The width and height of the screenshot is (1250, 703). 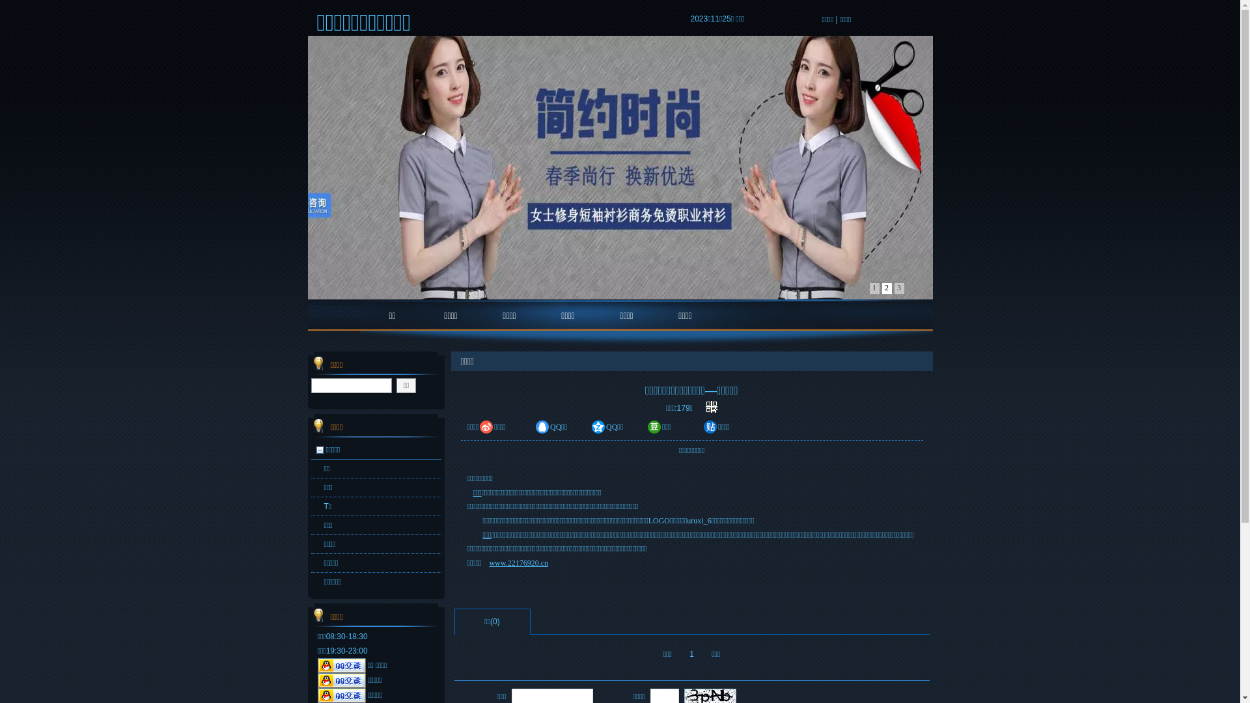 I want to click on 'www.22176920.cn', so click(x=488, y=562).